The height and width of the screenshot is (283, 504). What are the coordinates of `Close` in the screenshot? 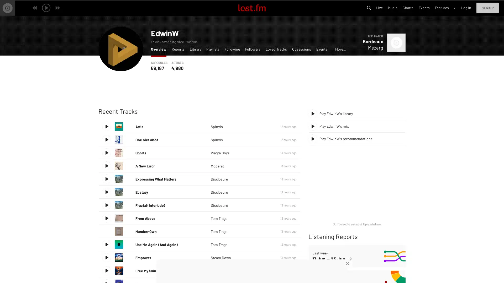 It's located at (348, 264).